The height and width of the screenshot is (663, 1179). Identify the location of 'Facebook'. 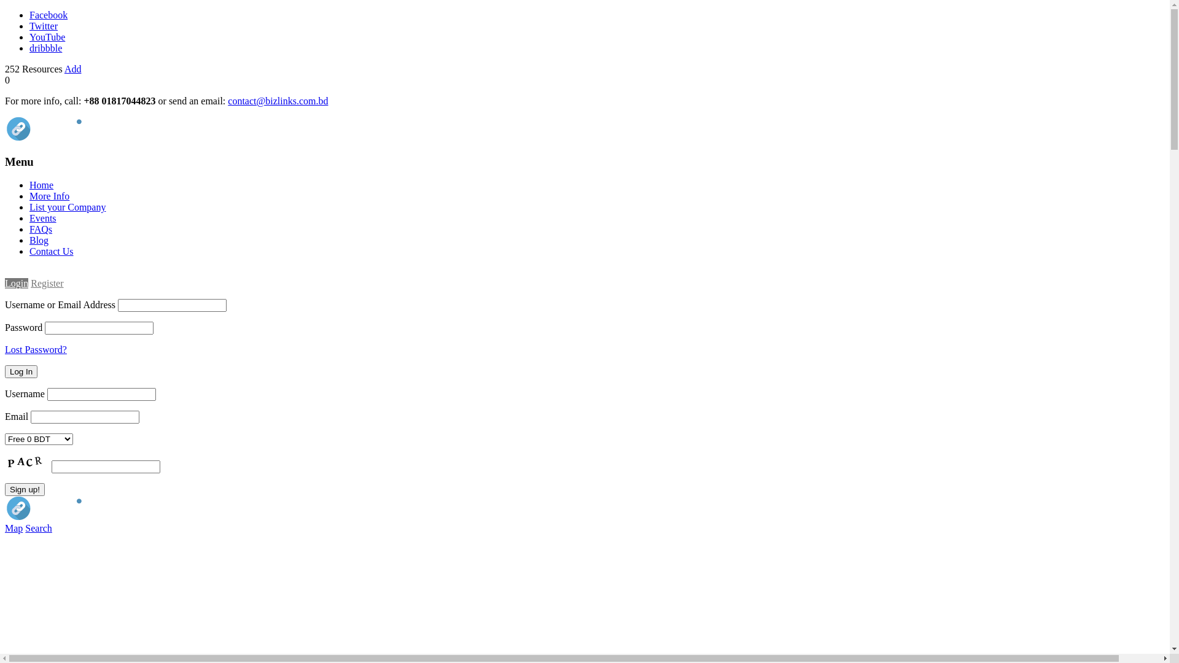
(48, 15).